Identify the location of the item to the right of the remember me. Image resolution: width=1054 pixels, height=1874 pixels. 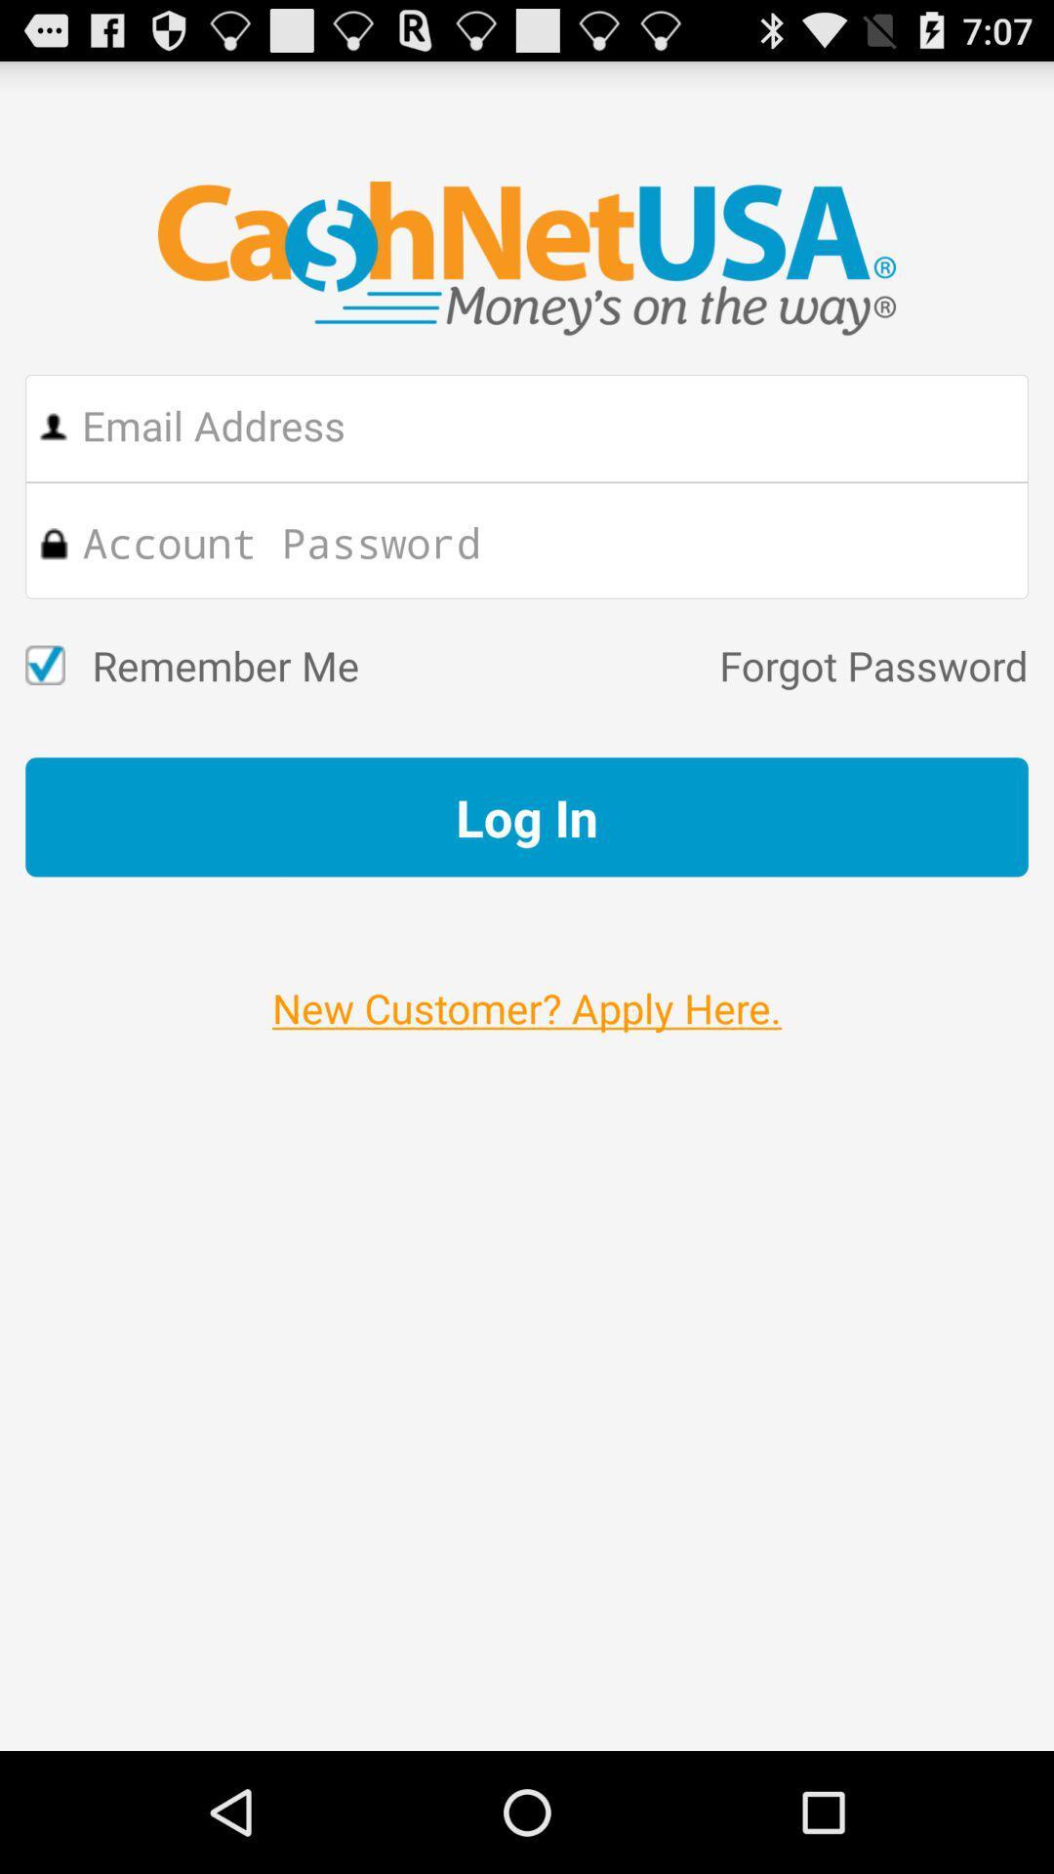
(692, 665).